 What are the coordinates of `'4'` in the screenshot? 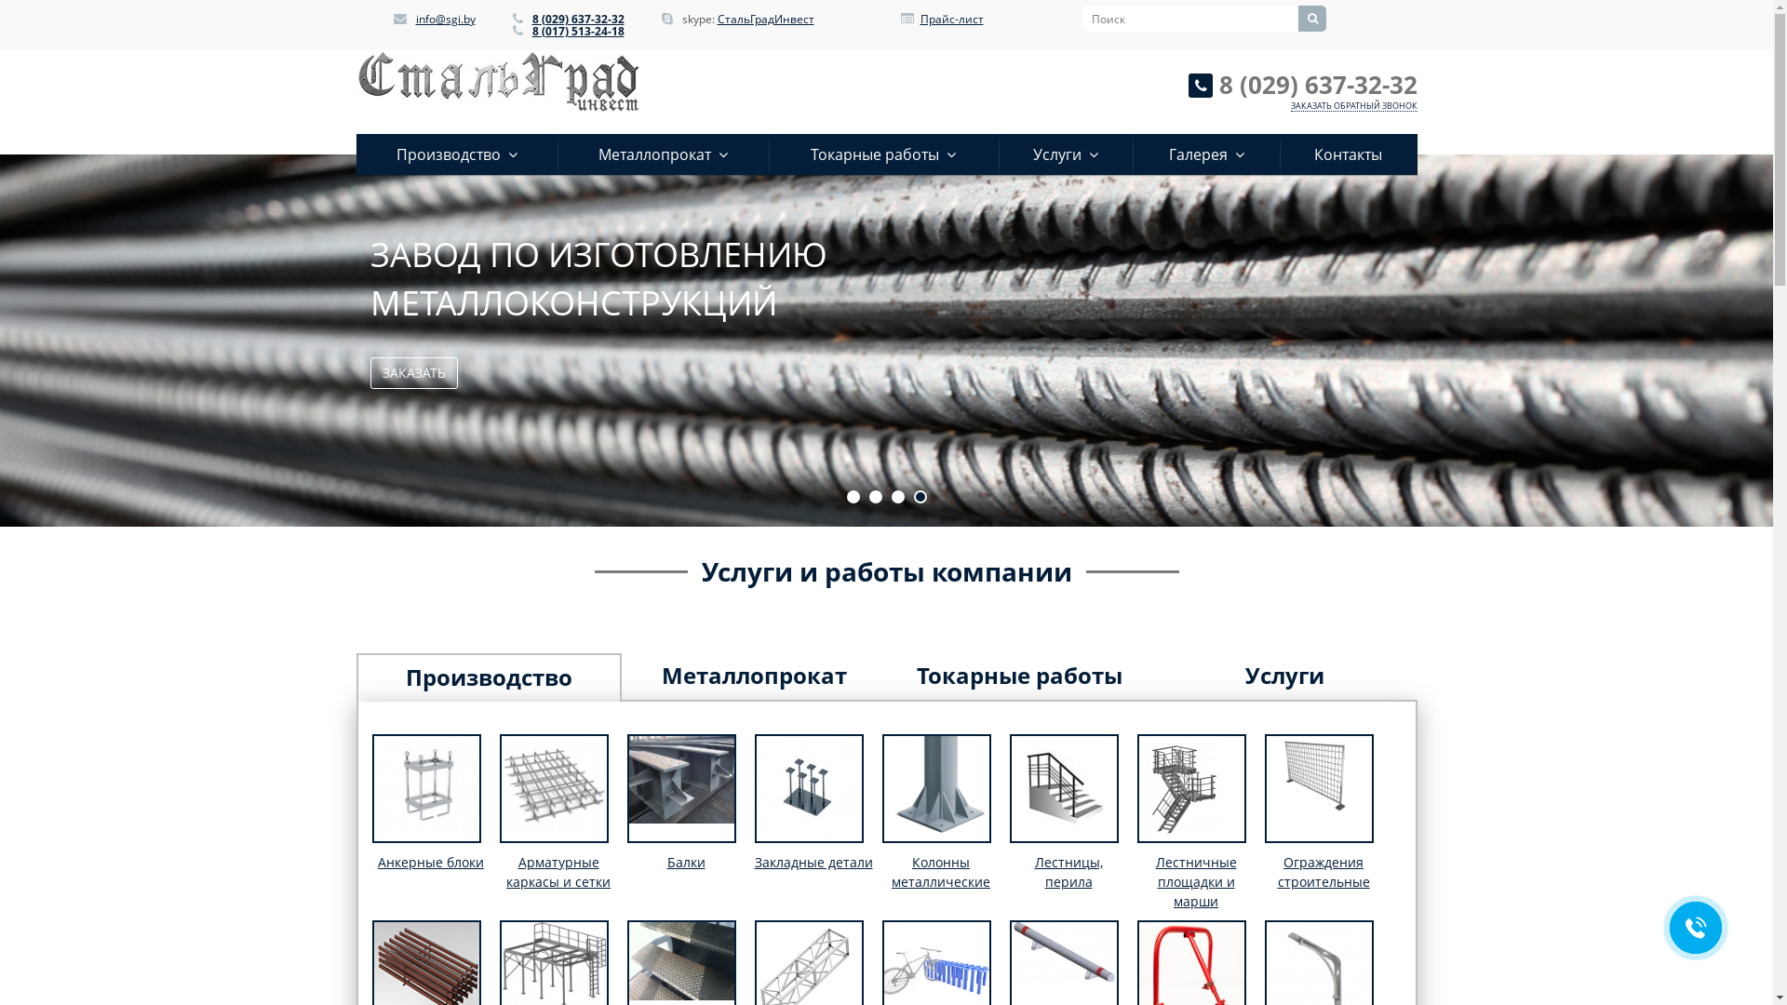 It's located at (920, 495).